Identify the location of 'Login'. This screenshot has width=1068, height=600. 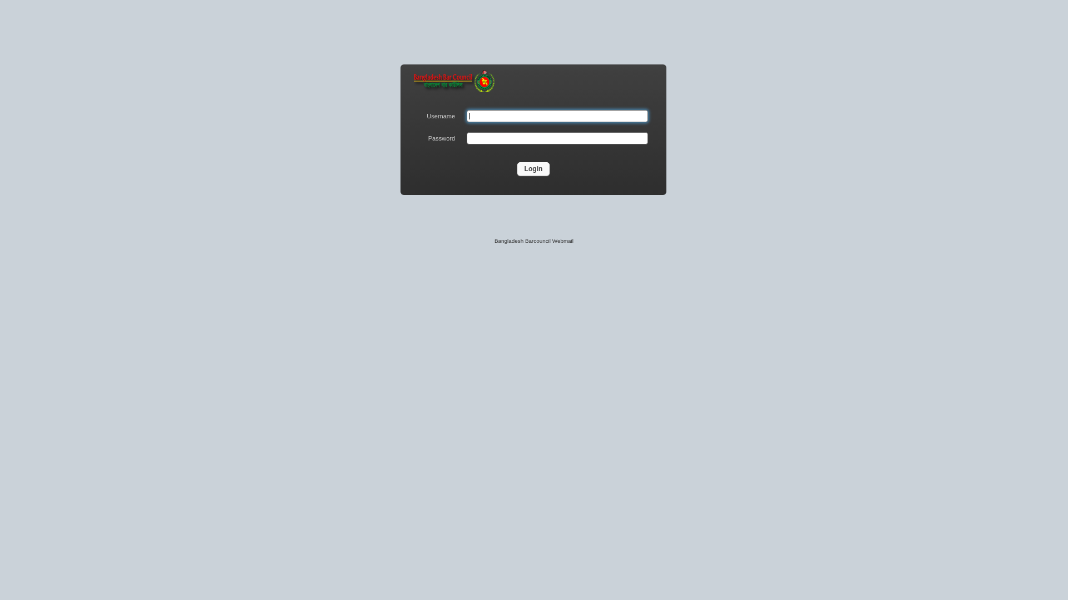
(517, 169).